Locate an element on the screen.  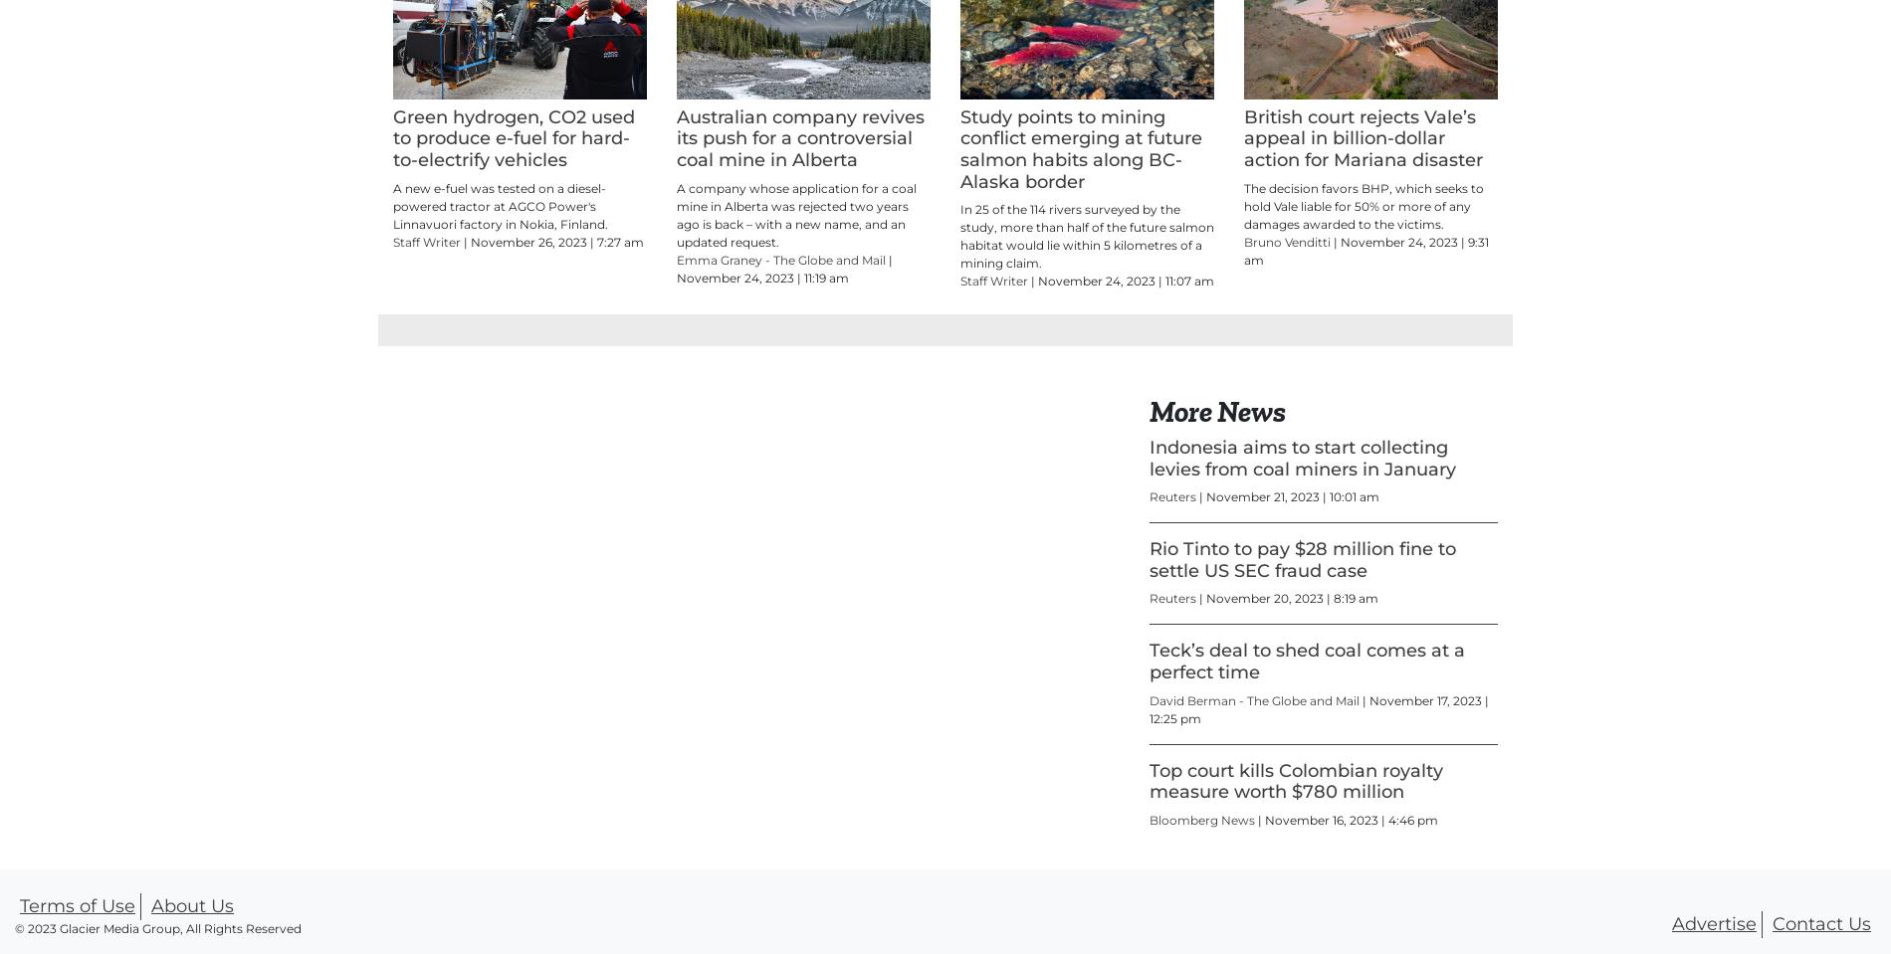
'Rio Tinto to pay $28 million fine to settle US SEC fraud case' is located at coordinates (1301, 649).